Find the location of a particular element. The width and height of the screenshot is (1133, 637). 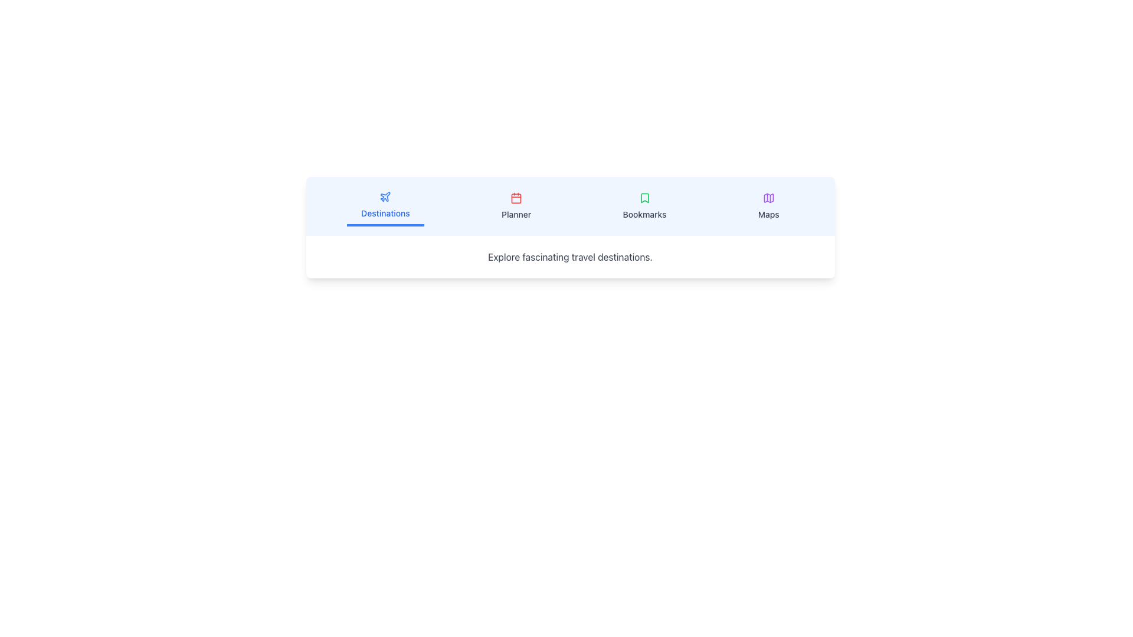

the purple SVG graphic icon representing a map, located in the fourth position of the navigation menu labeled 'Maps', to trigger the hover effects is located at coordinates (768, 197).